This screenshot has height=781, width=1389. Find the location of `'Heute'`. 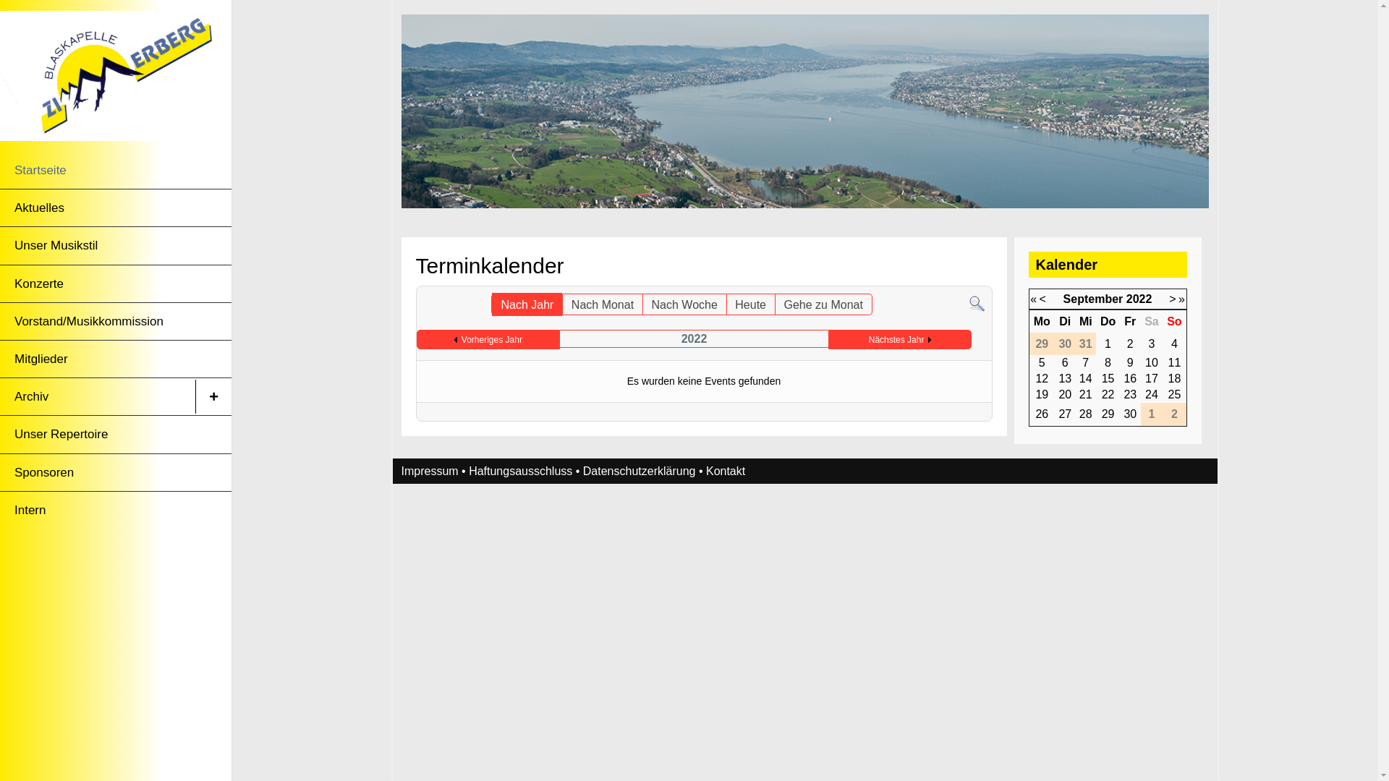

'Heute' is located at coordinates (726, 303).